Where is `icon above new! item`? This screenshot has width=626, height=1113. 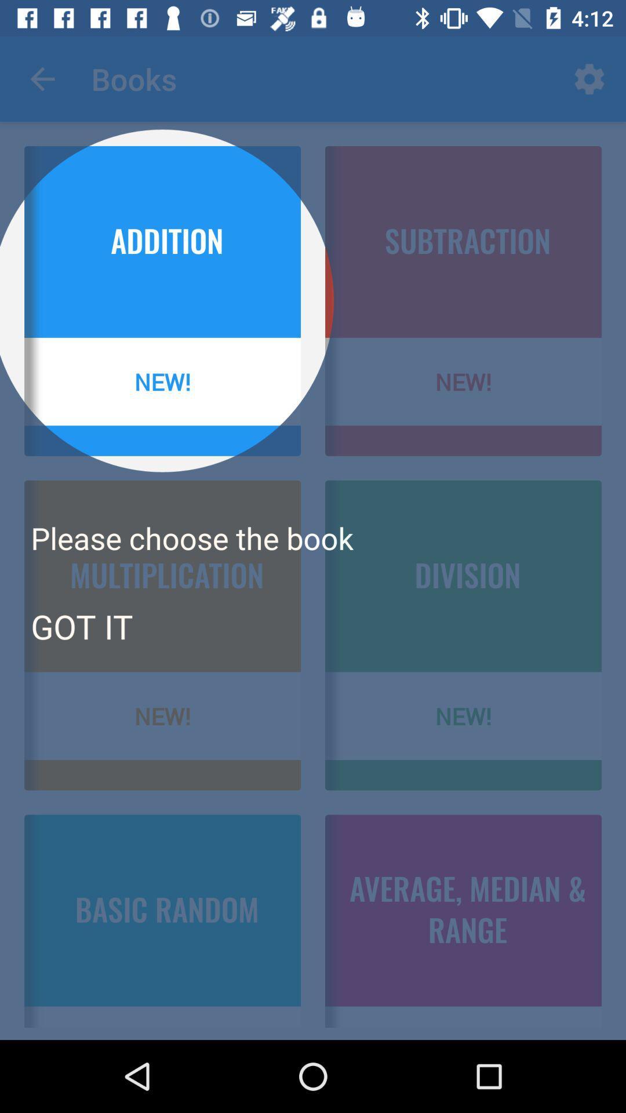 icon above new! item is located at coordinates (81, 625).